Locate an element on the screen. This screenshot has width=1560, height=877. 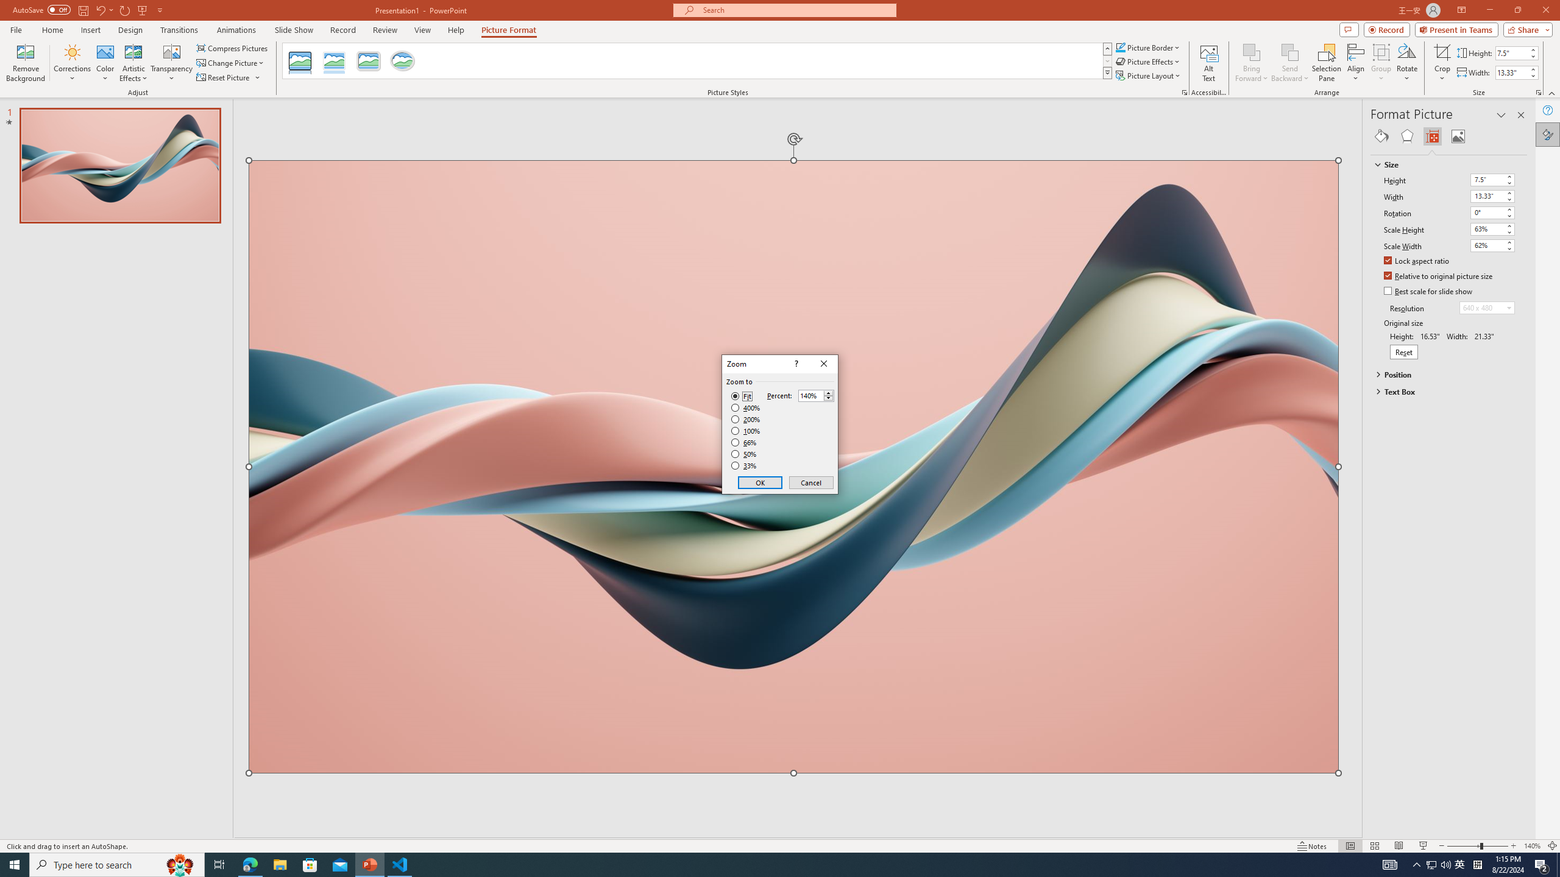
'Percent' is located at coordinates (817, 395).